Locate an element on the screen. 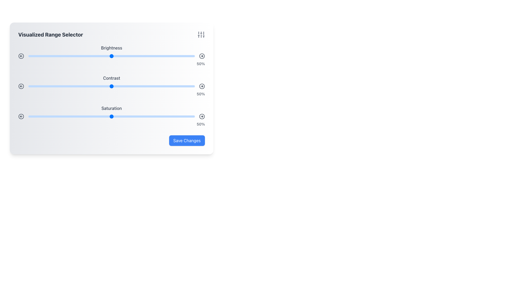 This screenshot has width=509, height=286. the submit button located at the bottom-right corner of the settings interface to receive keyboard interactions is located at coordinates (187, 140).